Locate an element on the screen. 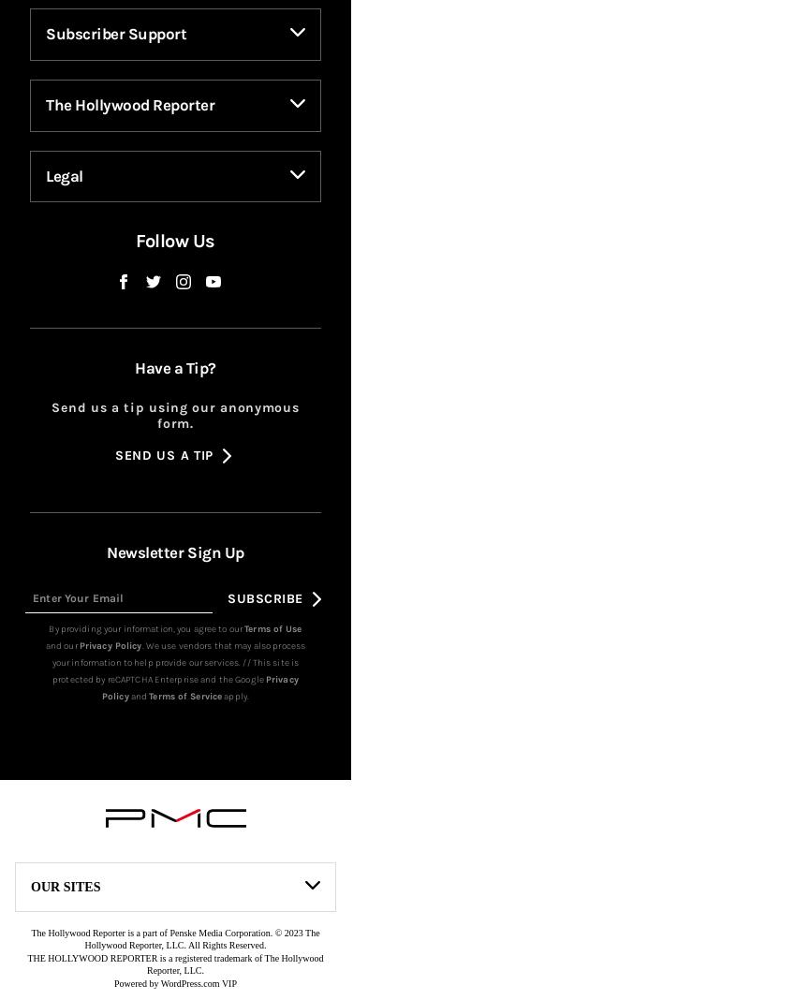 The width and height of the screenshot is (795, 1000). 'Terms of Use' is located at coordinates (243, 659).